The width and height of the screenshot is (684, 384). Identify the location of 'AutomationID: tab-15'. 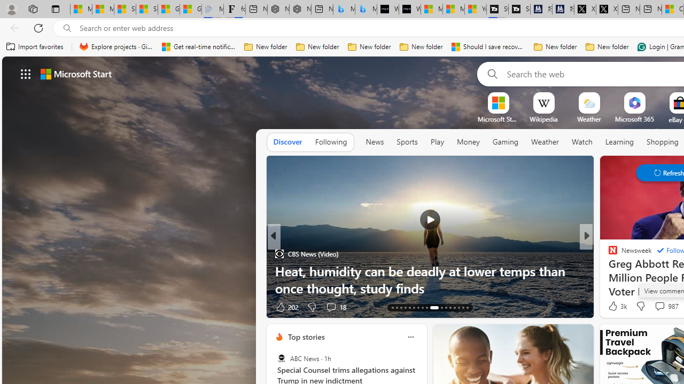
(400, 308).